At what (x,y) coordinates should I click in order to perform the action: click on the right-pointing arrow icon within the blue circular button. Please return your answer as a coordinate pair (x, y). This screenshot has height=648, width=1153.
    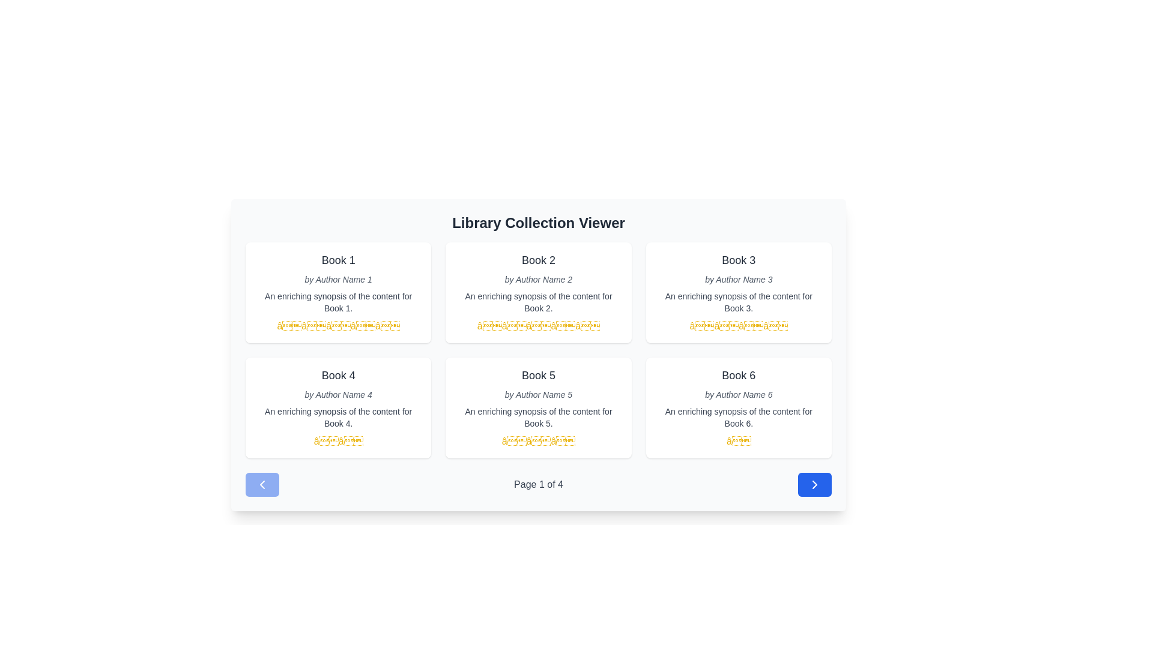
    Looking at the image, I should click on (815, 484).